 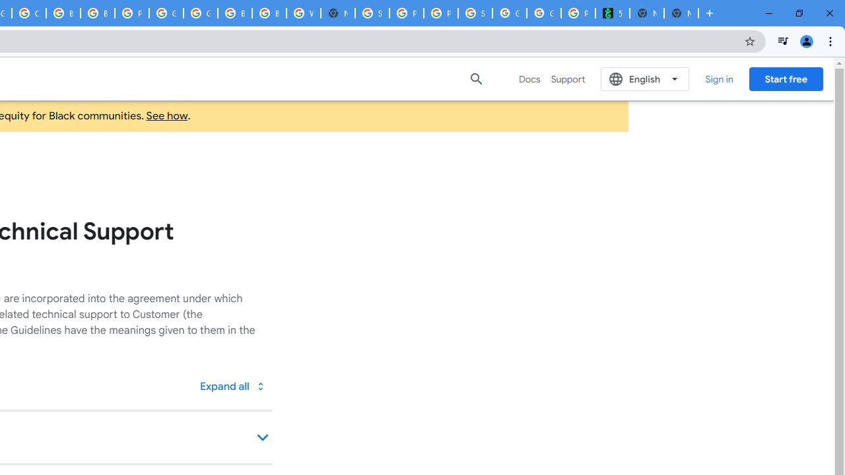 What do you see at coordinates (166, 115) in the screenshot?
I see `'See how'` at bounding box center [166, 115].